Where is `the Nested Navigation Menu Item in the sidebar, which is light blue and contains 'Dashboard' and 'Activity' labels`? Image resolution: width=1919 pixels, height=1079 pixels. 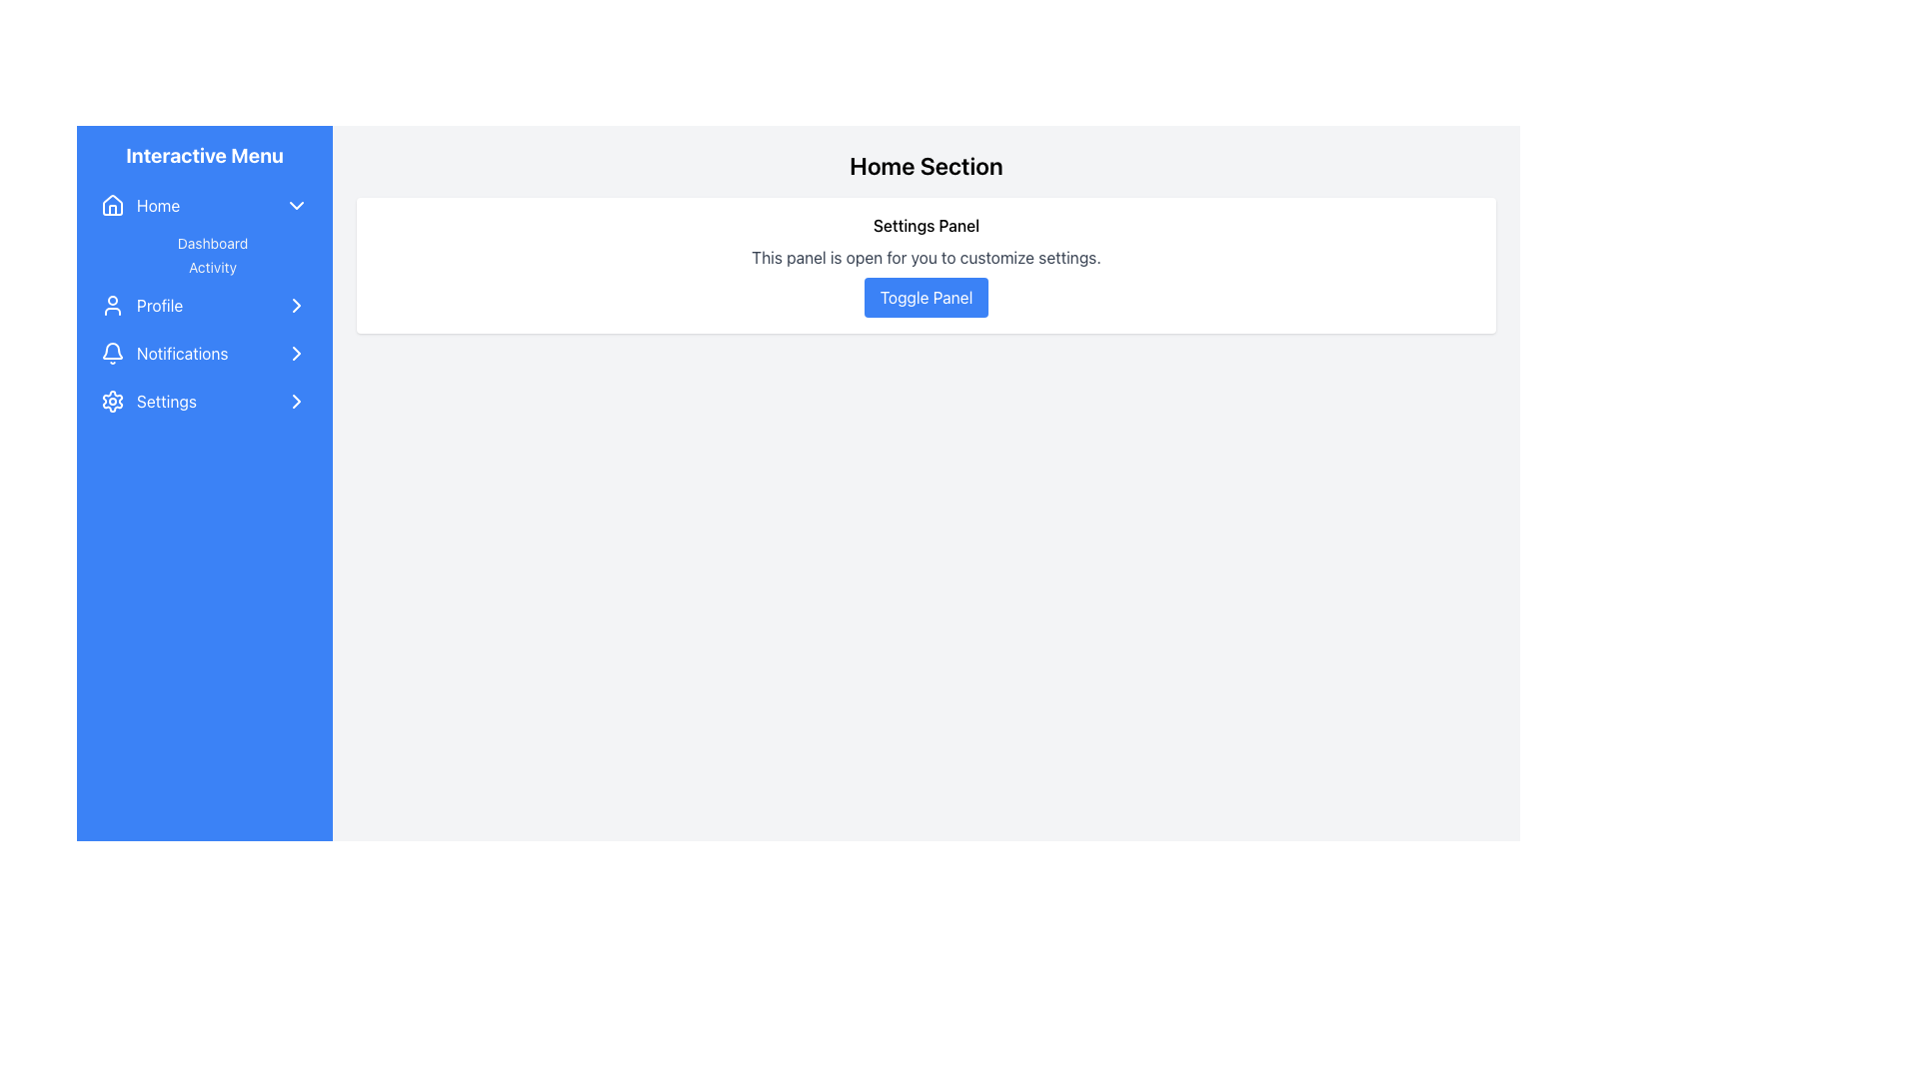 the Nested Navigation Menu Item in the sidebar, which is light blue and contains 'Dashboard' and 'Activity' labels is located at coordinates (205, 230).